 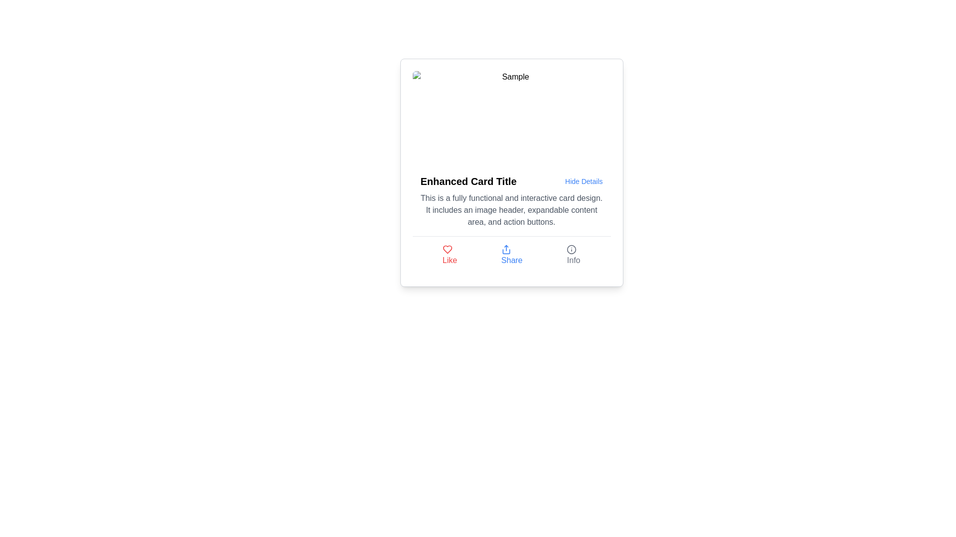 What do you see at coordinates (572, 249) in the screenshot?
I see `the central circular shape of the 'Info' icon located at the bottom-right section of the card interface` at bounding box center [572, 249].